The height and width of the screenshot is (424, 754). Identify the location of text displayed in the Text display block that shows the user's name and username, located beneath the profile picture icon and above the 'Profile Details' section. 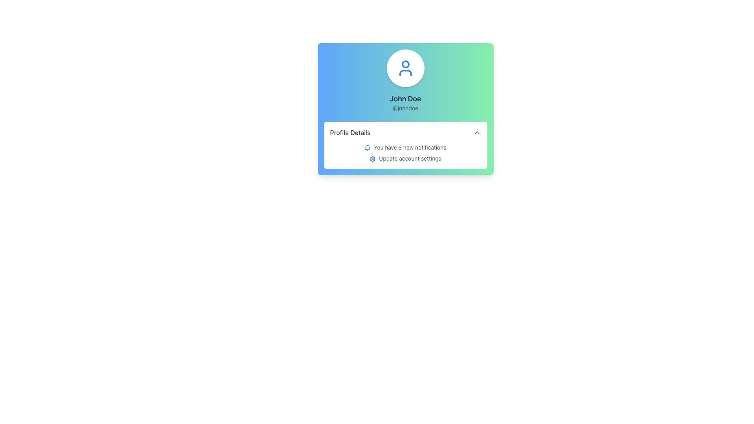
(405, 102).